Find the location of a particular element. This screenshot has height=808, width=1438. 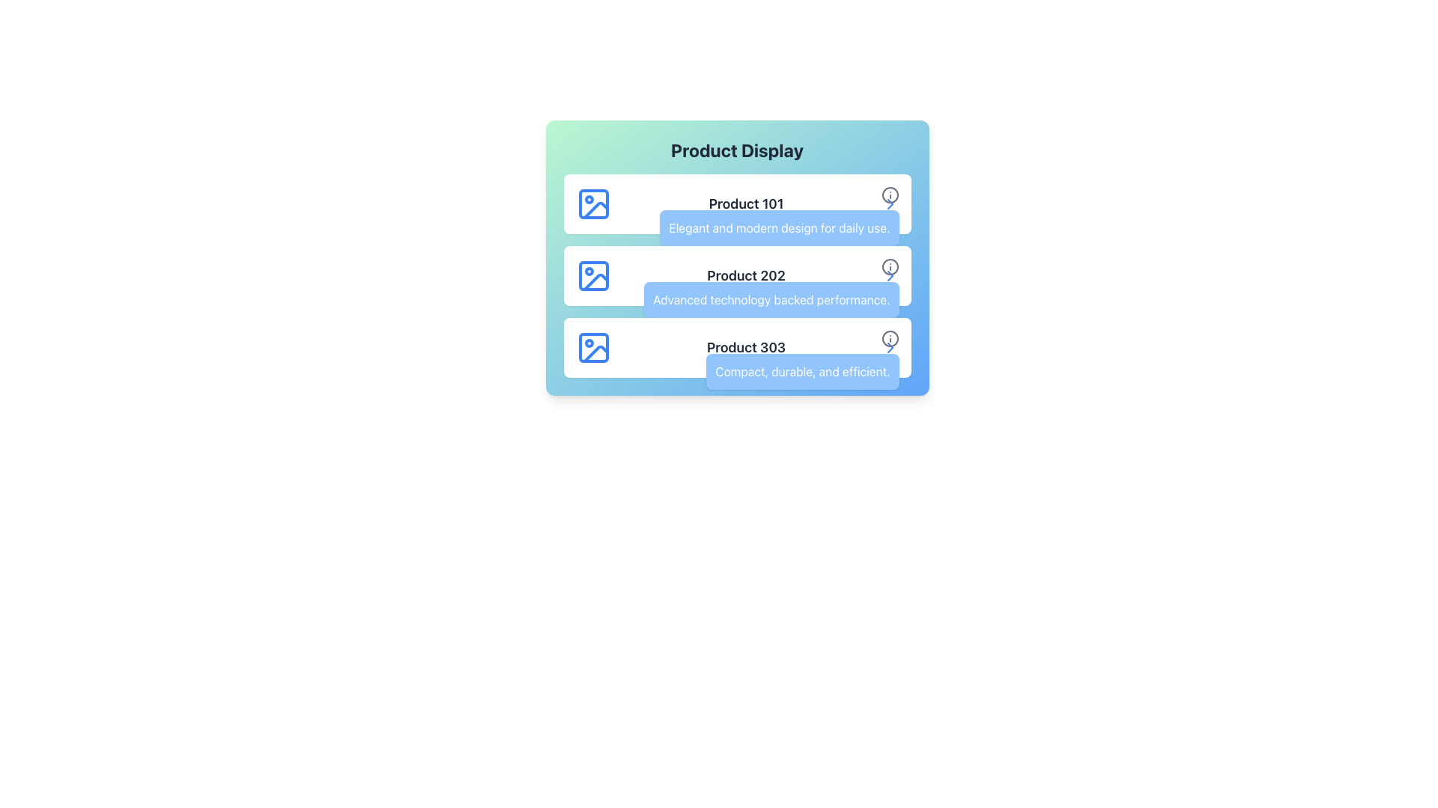

the icon detail in the first row that symbolizes the item category or type is located at coordinates (595, 210).